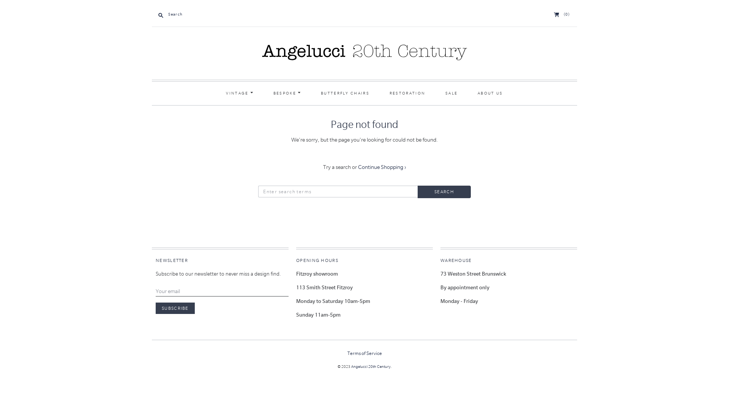  What do you see at coordinates (562, 14) in the screenshot?
I see `'(0)'` at bounding box center [562, 14].